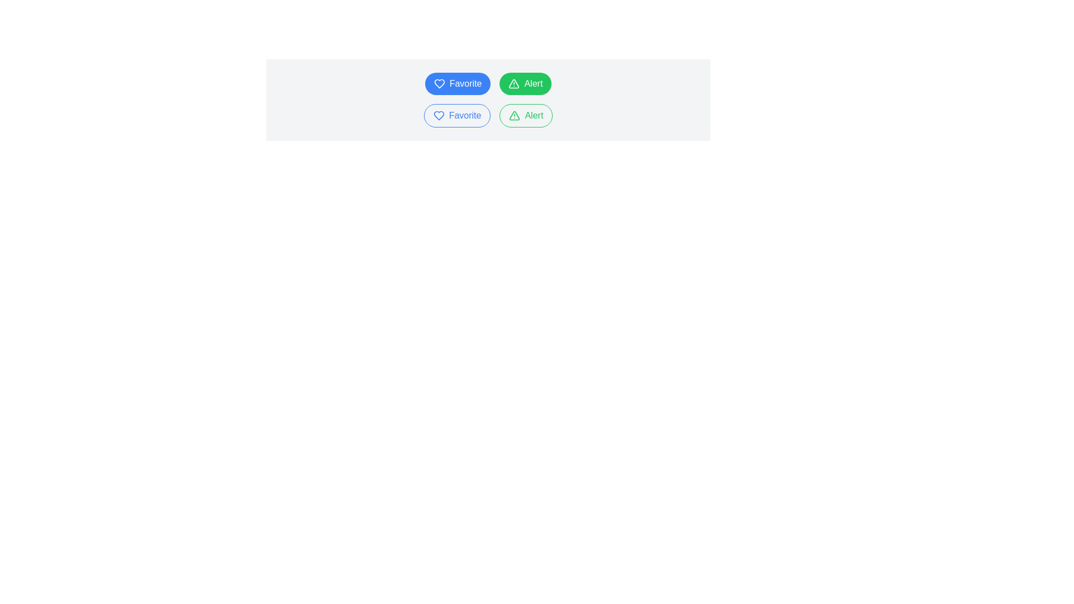 This screenshot has height=604, width=1074. I want to click on the button group containing 'Favorite' and 'Alert' buttons for keyboard interaction, so click(488, 116).